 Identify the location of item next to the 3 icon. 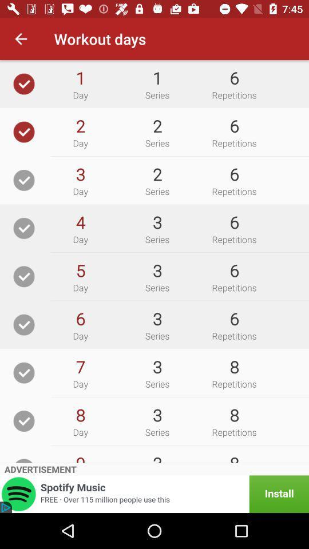
(80, 270).